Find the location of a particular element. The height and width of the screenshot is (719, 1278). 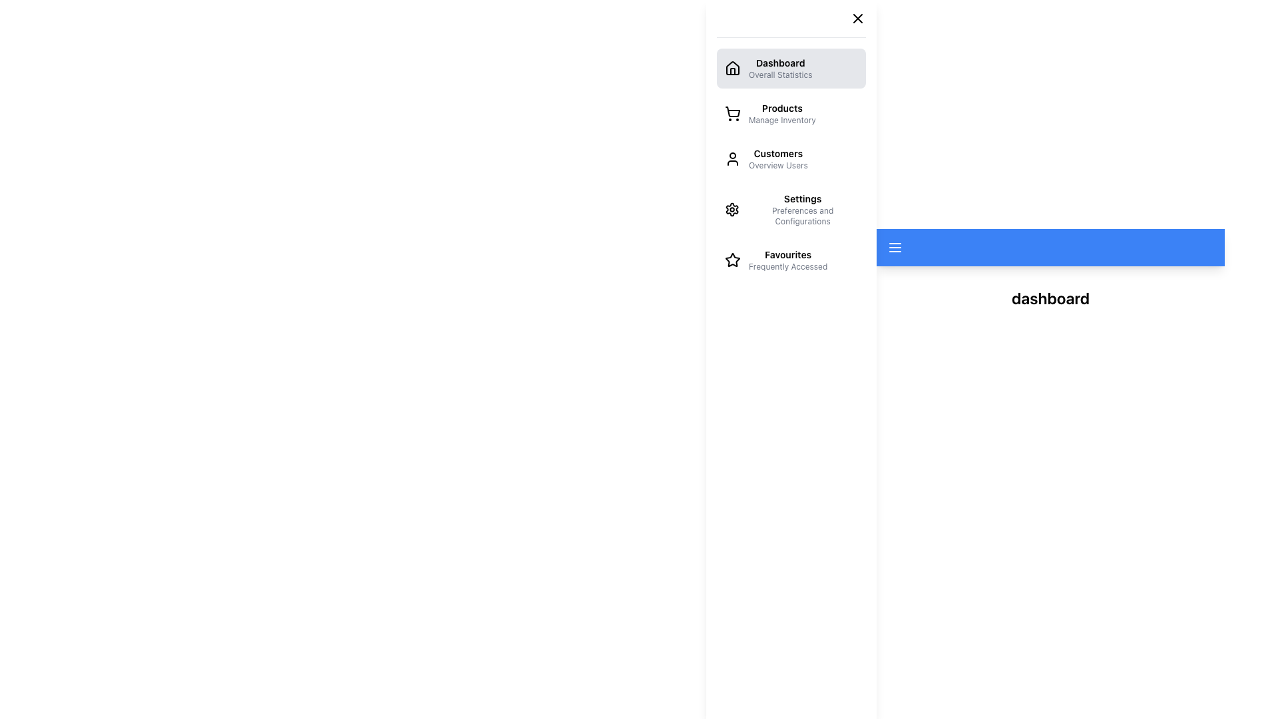

the static text element displaying 'Manage Inventory', which is located in the left sidebar menu, below the 'Products' header is located at coordinates (782, 120).